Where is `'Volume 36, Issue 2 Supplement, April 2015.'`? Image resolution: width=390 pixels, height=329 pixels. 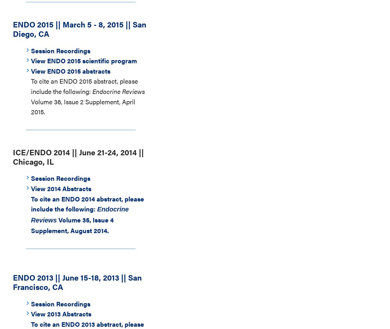
'Volume 36, Issue 2 Supplement, April 2015.' is located at coordinates (31, 106).